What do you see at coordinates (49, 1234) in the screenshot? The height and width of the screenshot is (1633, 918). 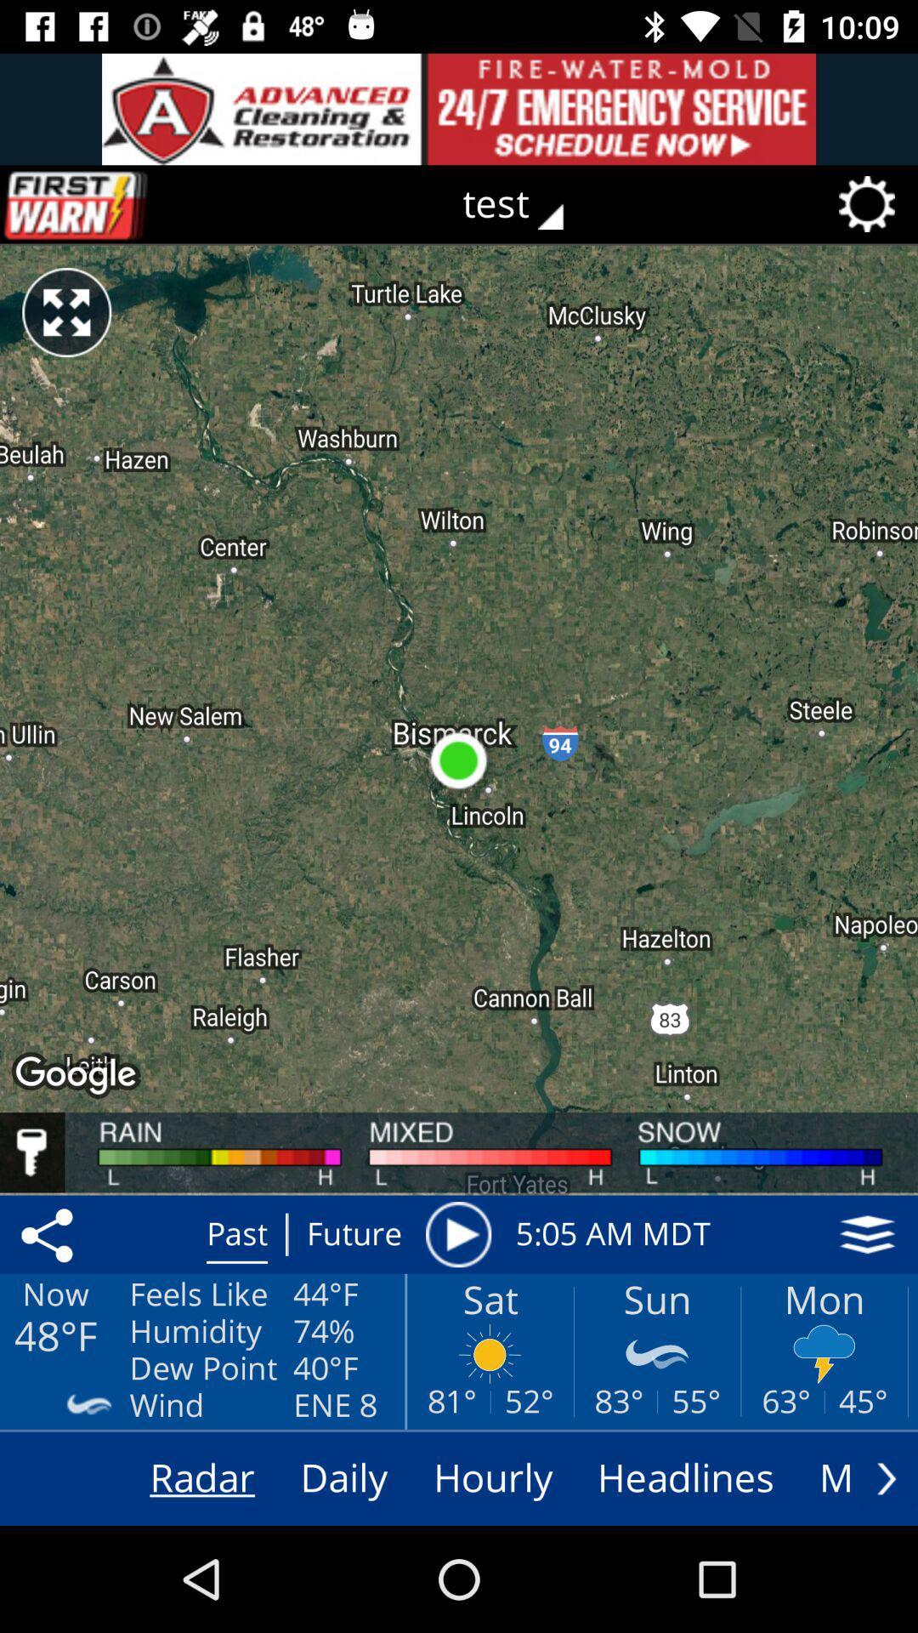 I see `the share icon` at bounding box center [49, 1234].